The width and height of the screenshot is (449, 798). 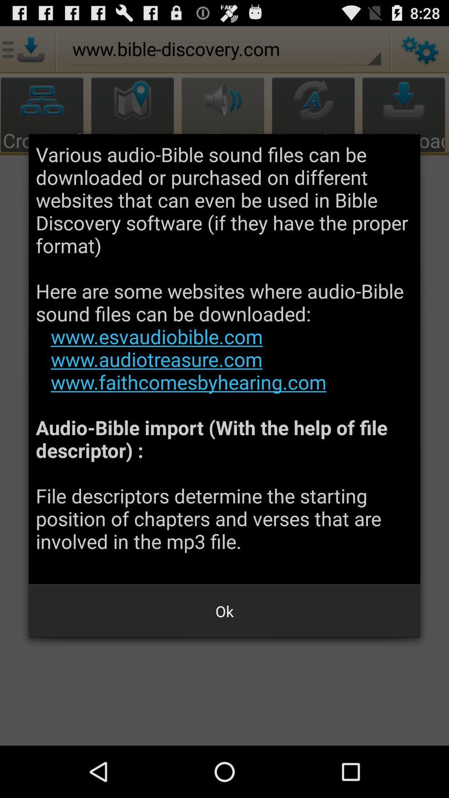 I want to click on various audio bible at the center, so click(x=224, y=359).